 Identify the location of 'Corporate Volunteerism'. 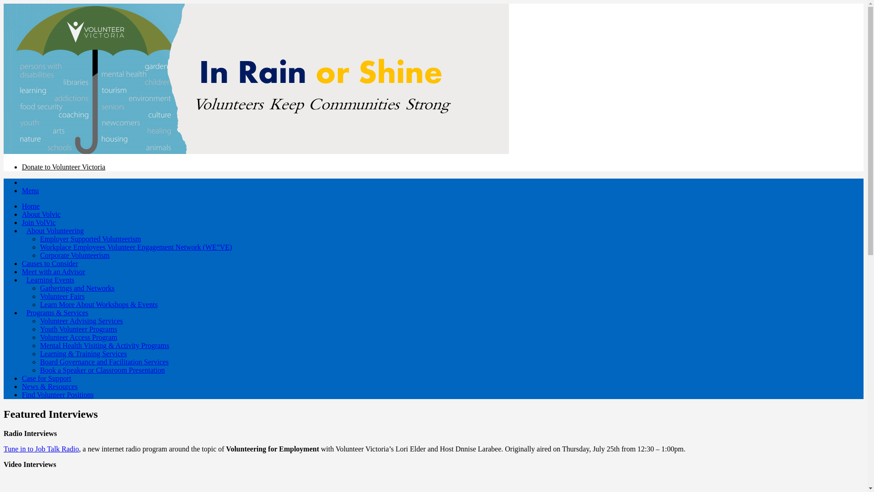
(39, 255).